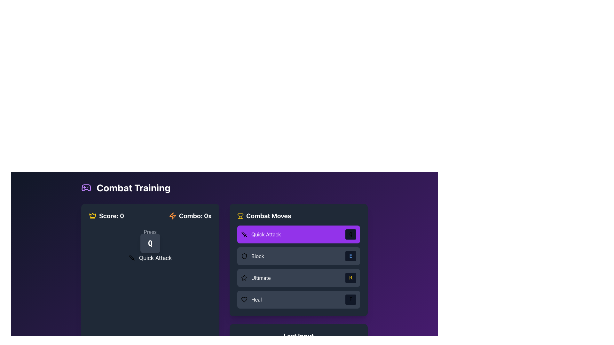  What do you see at coordinates (298, 278) in the screenshot?
I see `the 'Ultimate' combat move option in the 'Combat Moves' panel` at bounding box center [298, 278].